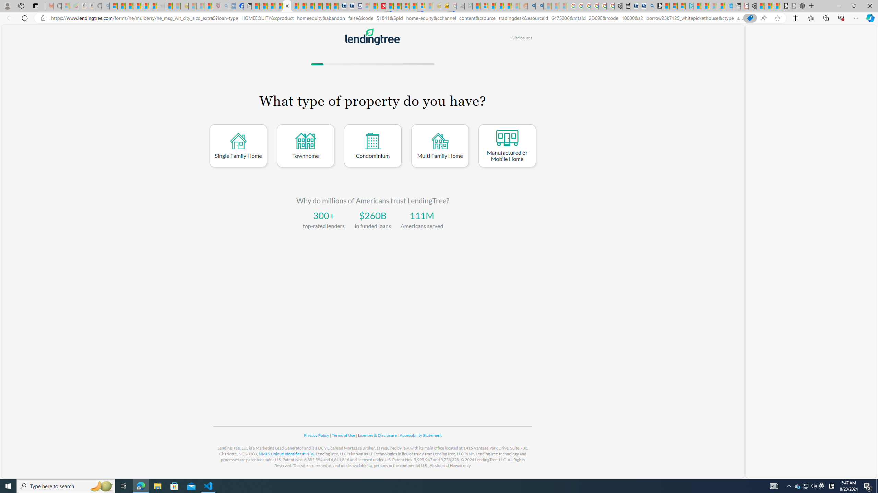  I want to click on 'The Weather Channel - MSN', so click(129, 5).